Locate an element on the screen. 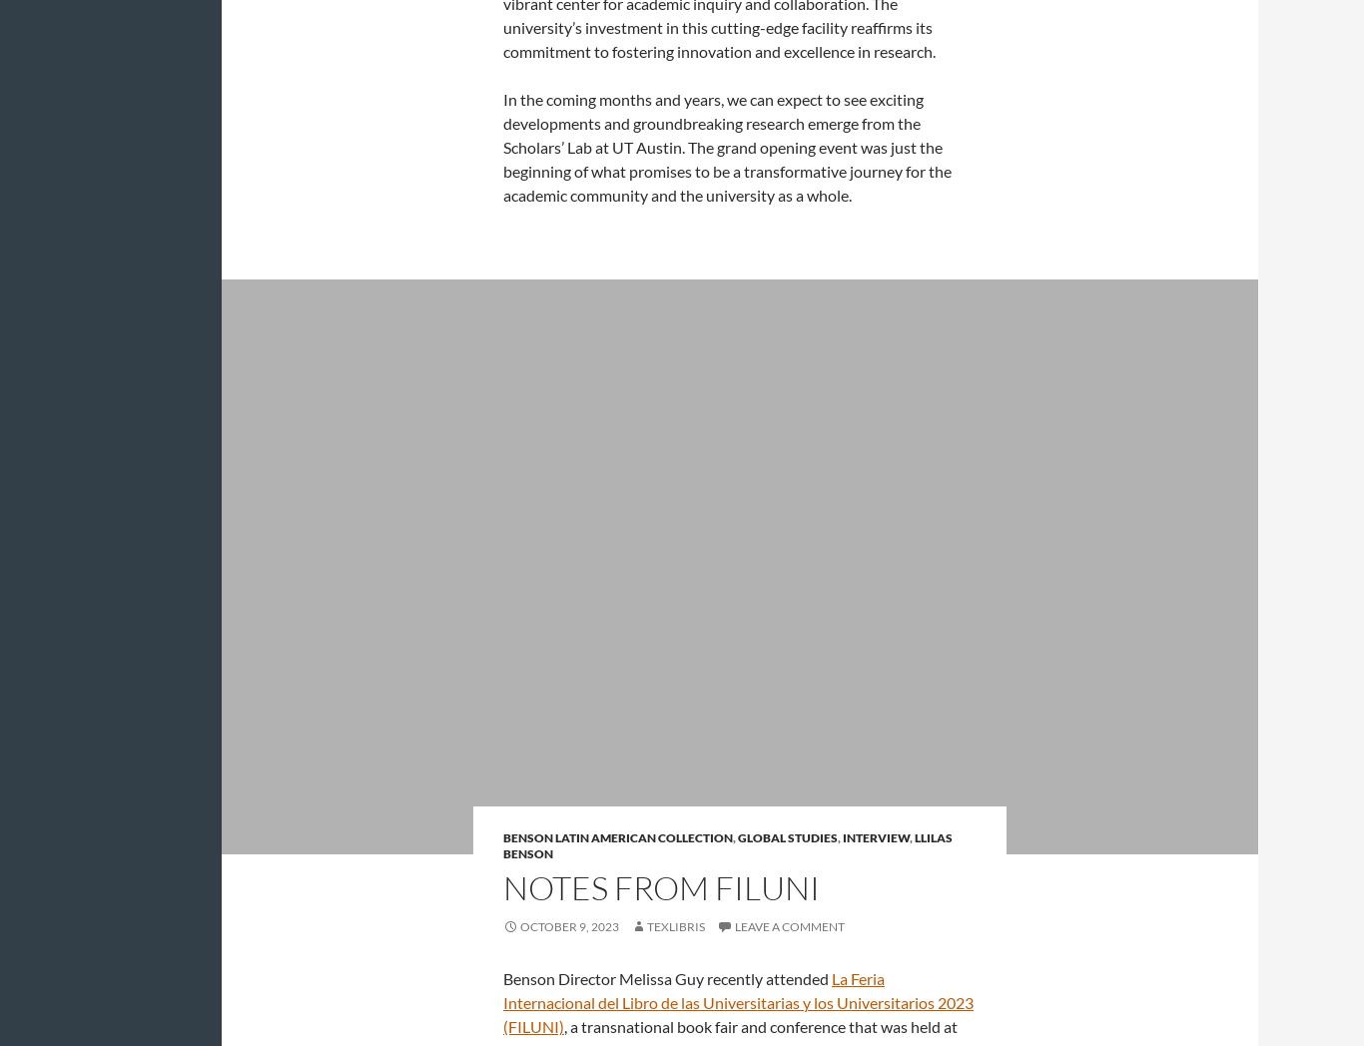 The height and width of the screenshot is (1046, 1364). 'Leave a comment' is located at coordinates (790, 926).